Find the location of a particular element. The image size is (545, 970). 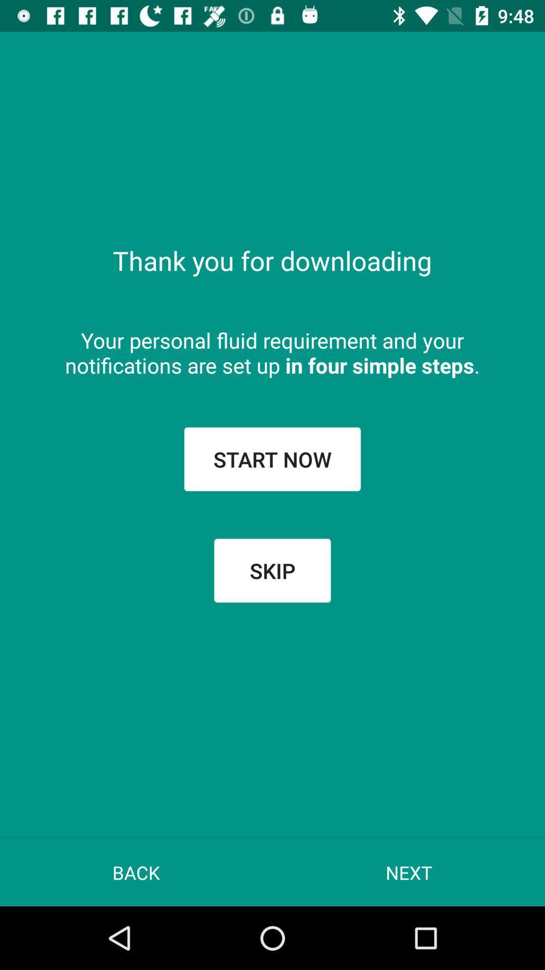

the app below the your personal fluid item is located at coordinates (272, 458).